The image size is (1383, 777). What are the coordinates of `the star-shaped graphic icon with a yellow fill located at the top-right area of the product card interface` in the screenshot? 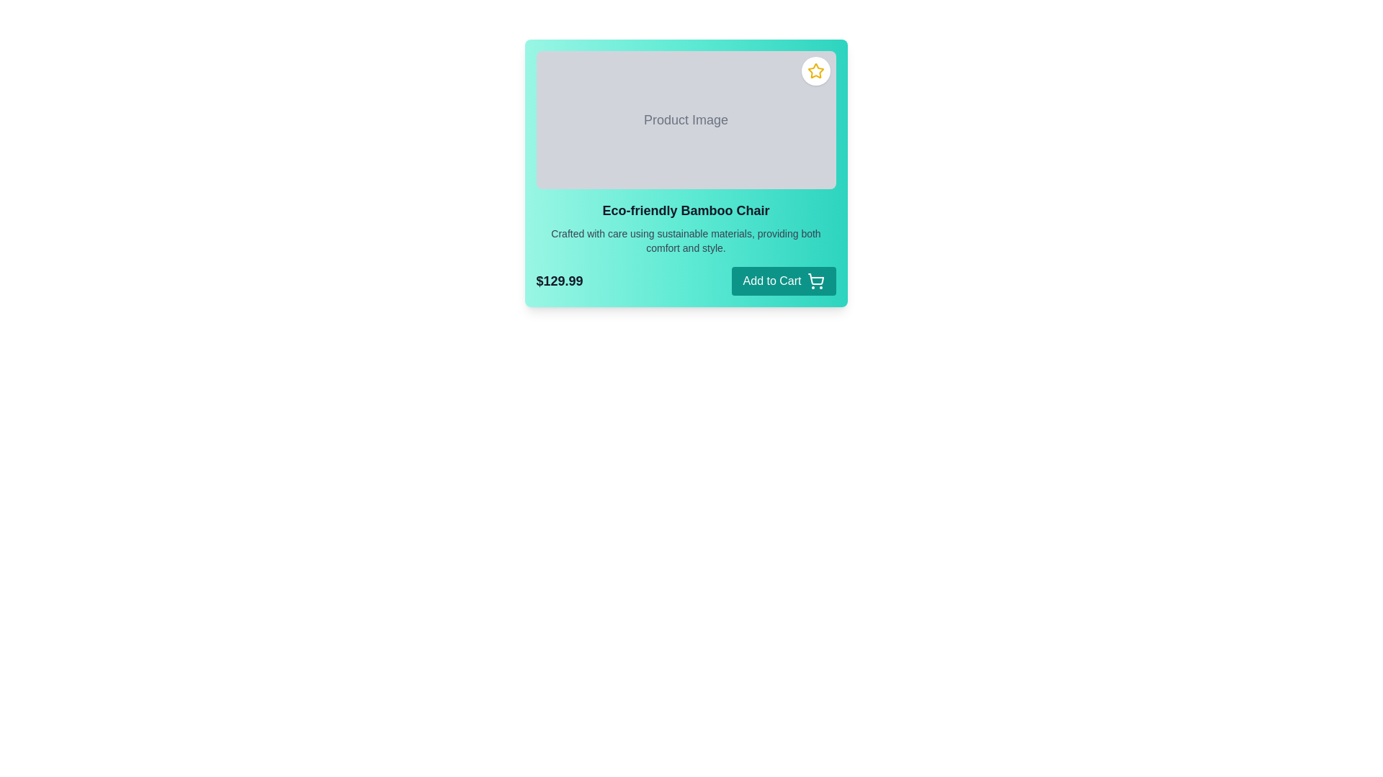 It's located at (815, 71).